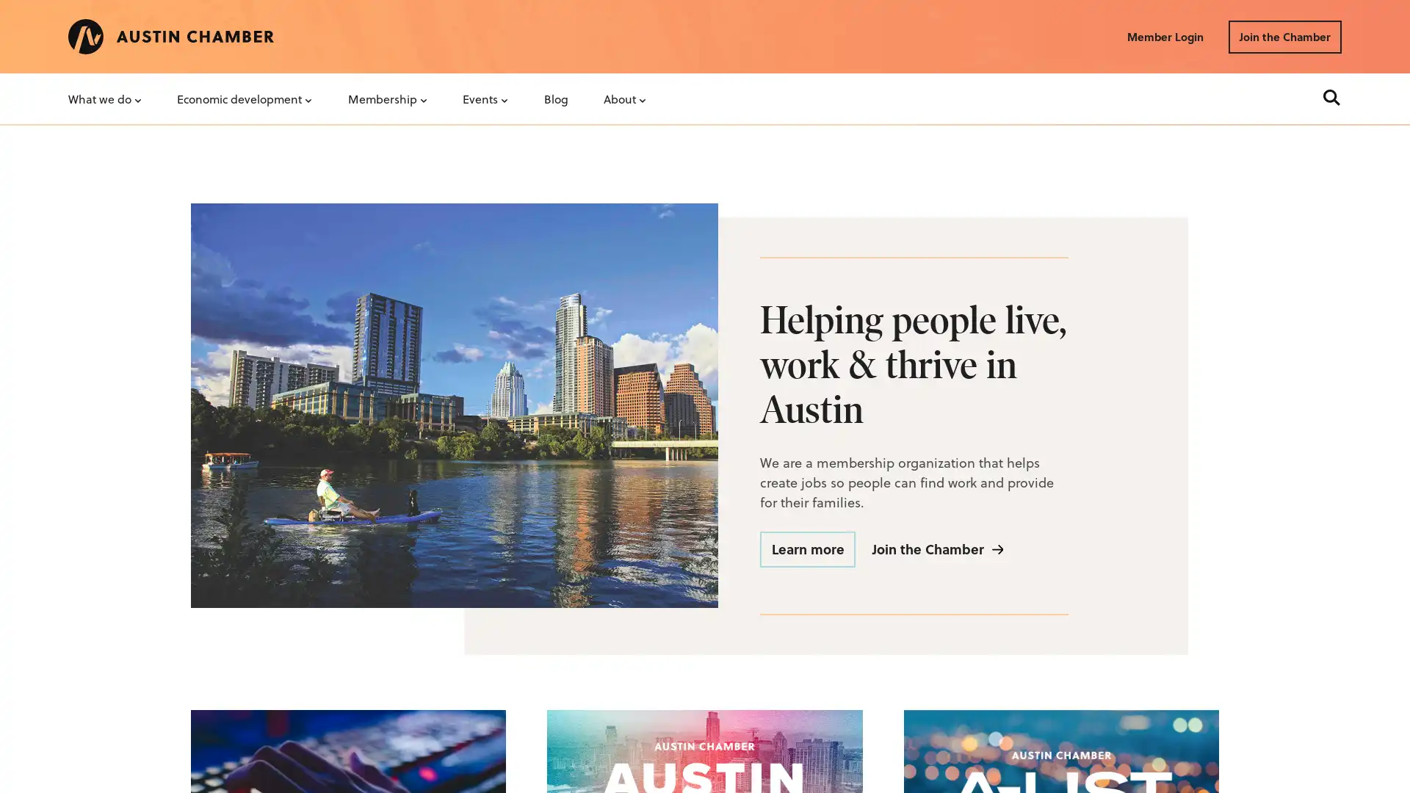 This screenshot has width=1410, height=793. I want to click on Search, so click(1331, 98).